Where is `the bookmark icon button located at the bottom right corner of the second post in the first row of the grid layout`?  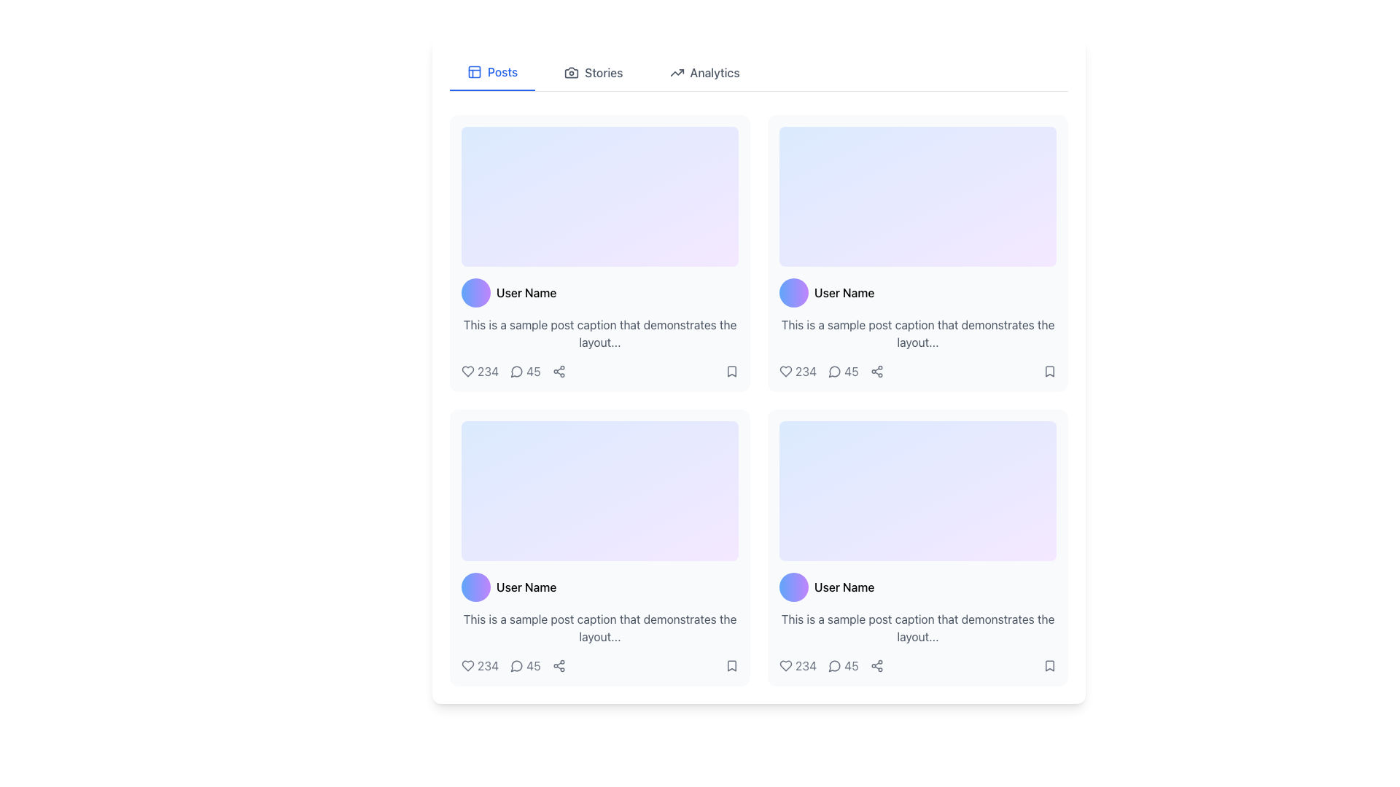
the bookmark icon button located at the bottom right corner of the second post in the first row of the grid layout is located at coordinates (731, 370).